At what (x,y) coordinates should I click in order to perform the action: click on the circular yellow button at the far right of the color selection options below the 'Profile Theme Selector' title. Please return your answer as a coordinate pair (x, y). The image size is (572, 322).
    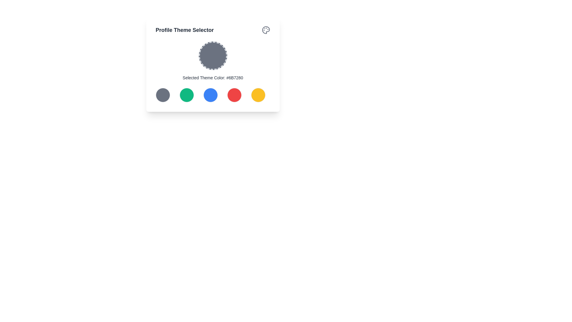
    Looking at the image, I should click on (258, 95).